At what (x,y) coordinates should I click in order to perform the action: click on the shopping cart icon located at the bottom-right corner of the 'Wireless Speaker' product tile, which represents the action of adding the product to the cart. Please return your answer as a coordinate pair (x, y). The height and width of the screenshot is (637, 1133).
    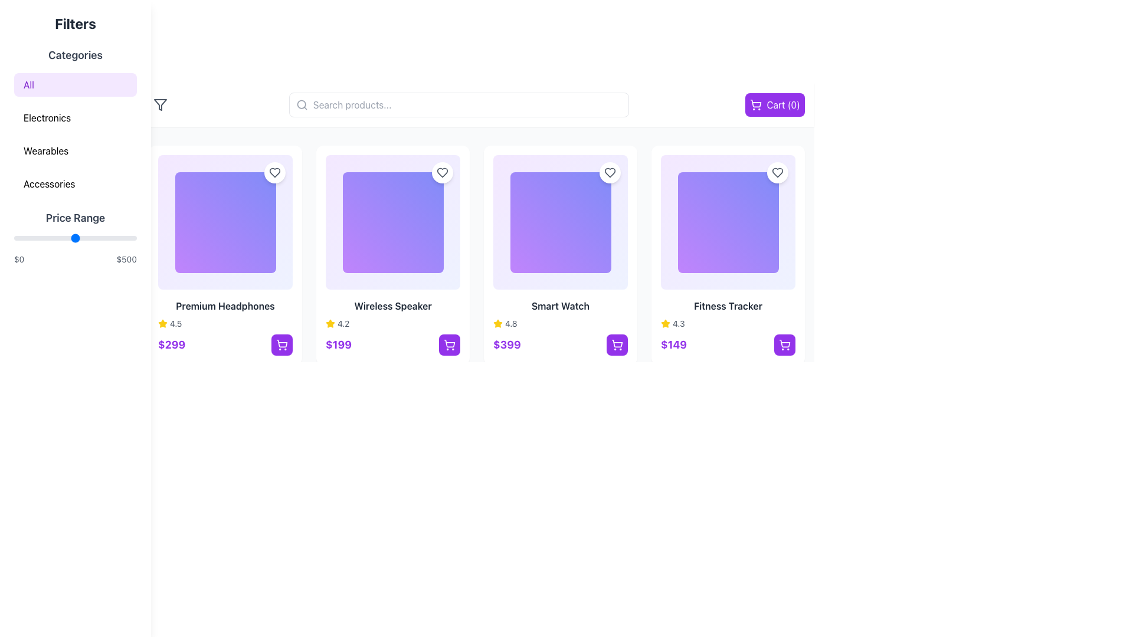
    Looking at the image, I should click on (449, 343).